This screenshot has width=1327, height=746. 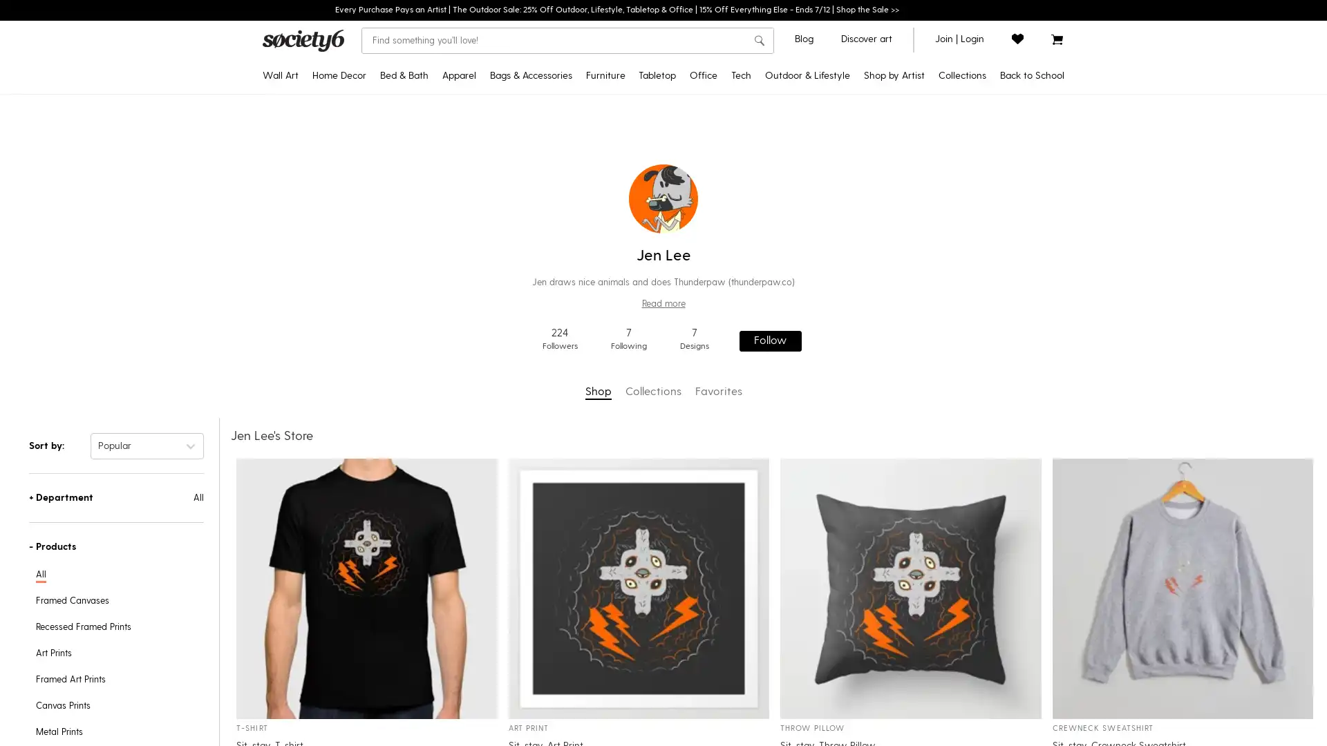 I want to click on Bath Mats, so click(x=433, y=200).